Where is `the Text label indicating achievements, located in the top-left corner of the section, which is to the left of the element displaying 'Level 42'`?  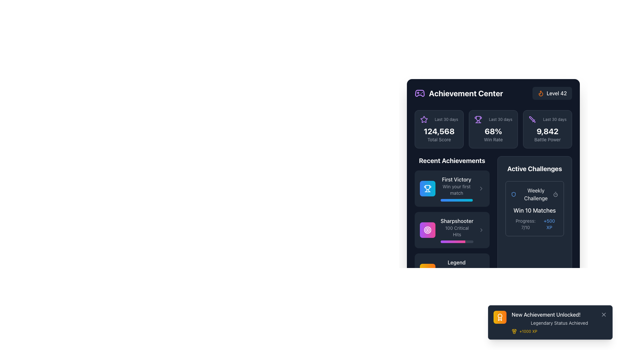
the Text label indicating achievements, located in the top-left corner of the section, which is to the left of the element displaying 'Level 42' is located at coordinates (458, 93).